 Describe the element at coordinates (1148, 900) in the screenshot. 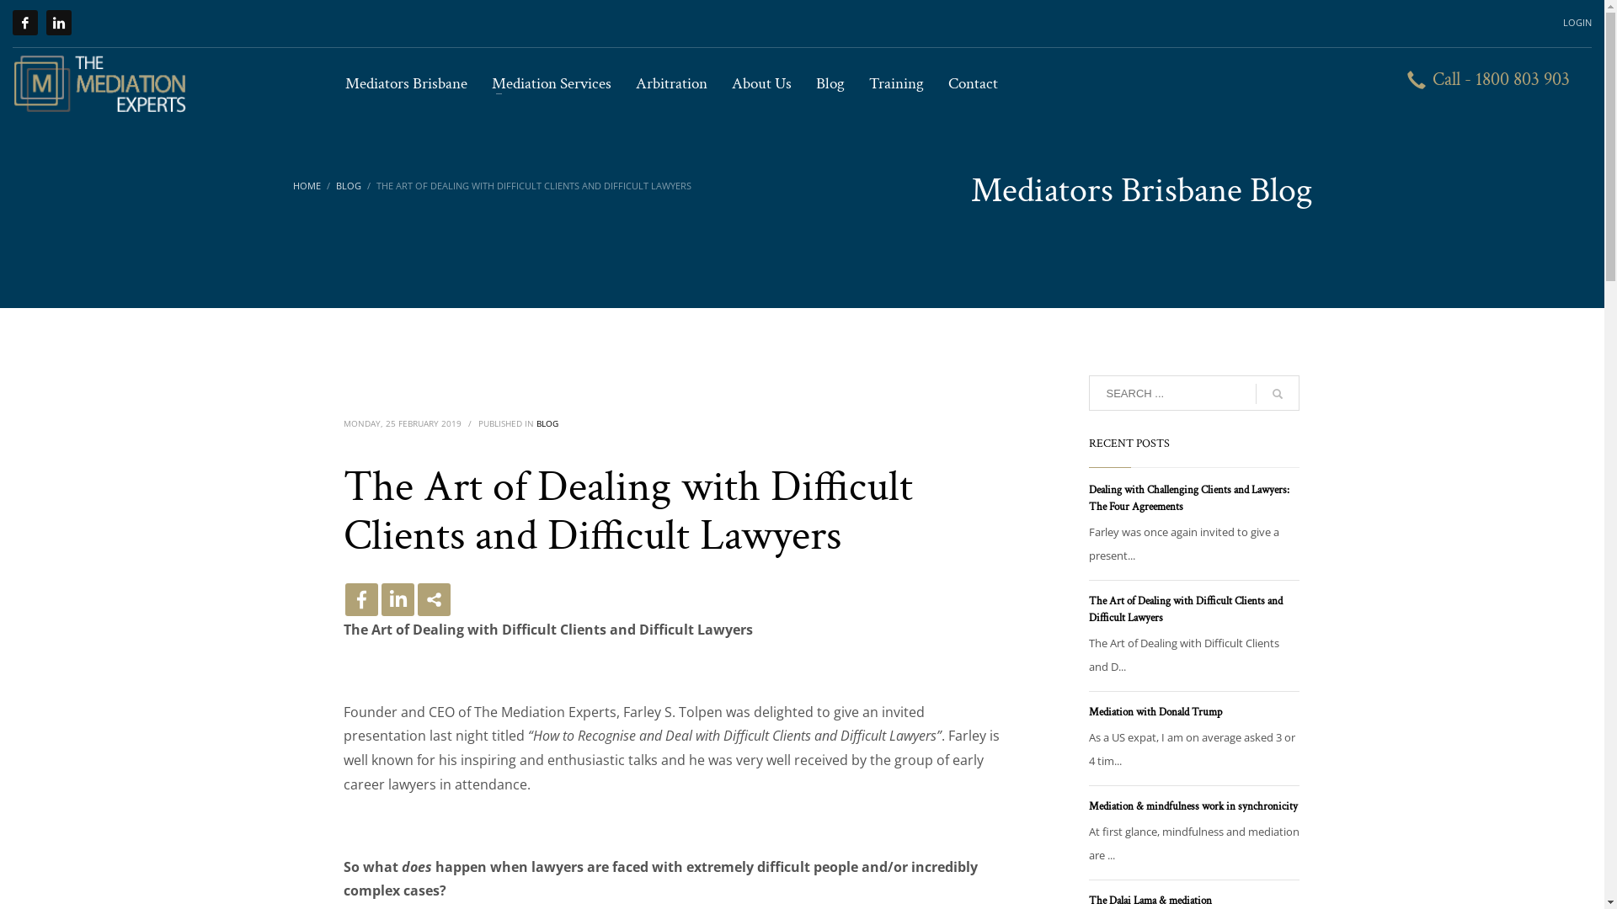

I see `'The Dalai Lama & mediation'` at that location.